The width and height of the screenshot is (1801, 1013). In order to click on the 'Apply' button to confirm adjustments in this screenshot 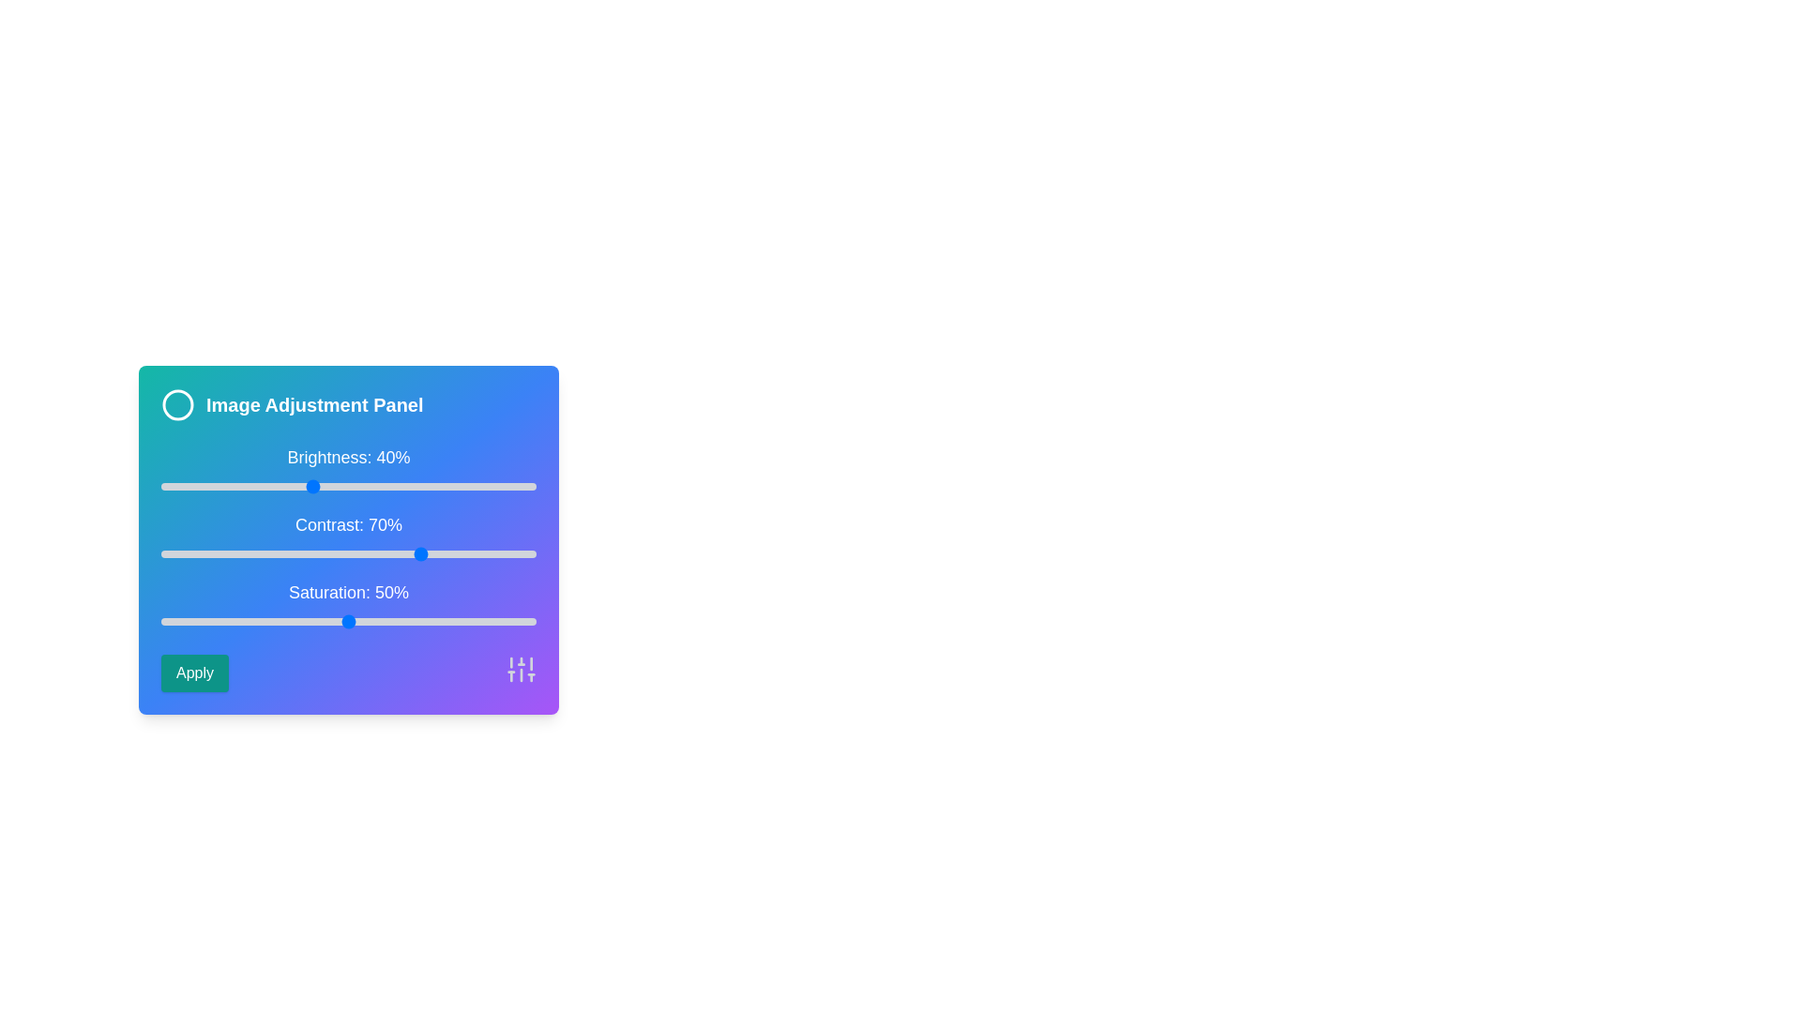, I will do `click(194, 672)`.